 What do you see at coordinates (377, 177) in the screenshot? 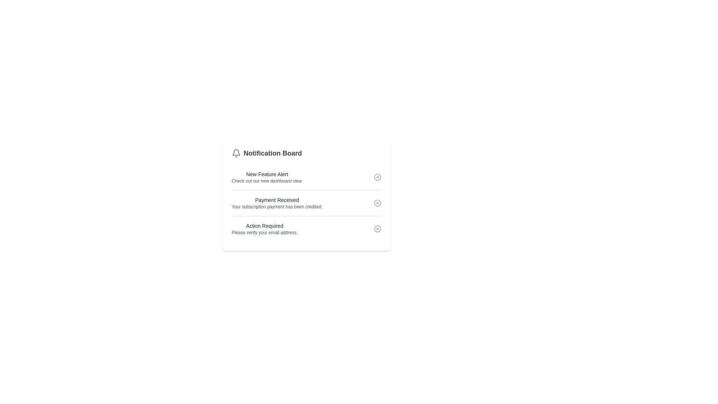
I see `the circle representing the delete button in the first row of the 'Notification Board' UI` at bounding box center [377, 177].